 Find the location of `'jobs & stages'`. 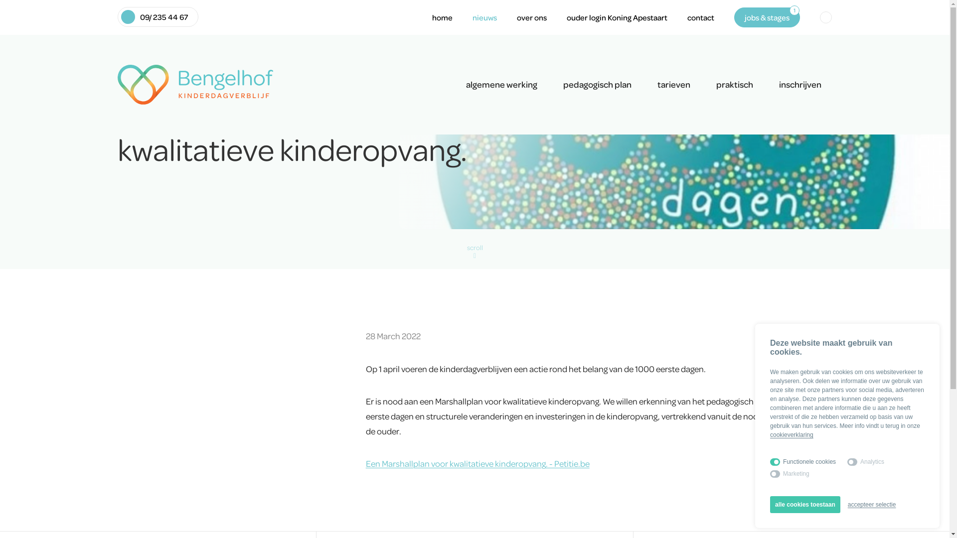

'jobs & stages' is located at coordinates (767, 17).